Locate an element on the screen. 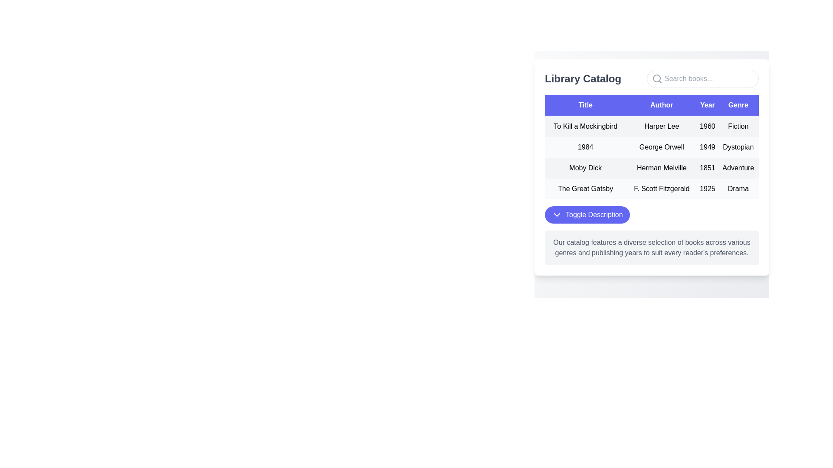 The image size is (833, 468). the search icon located in the 'Library Catalog' header bar, which is positioned at the top of the section and includes a search entry field beside the label is located at coordinates (652, 78).